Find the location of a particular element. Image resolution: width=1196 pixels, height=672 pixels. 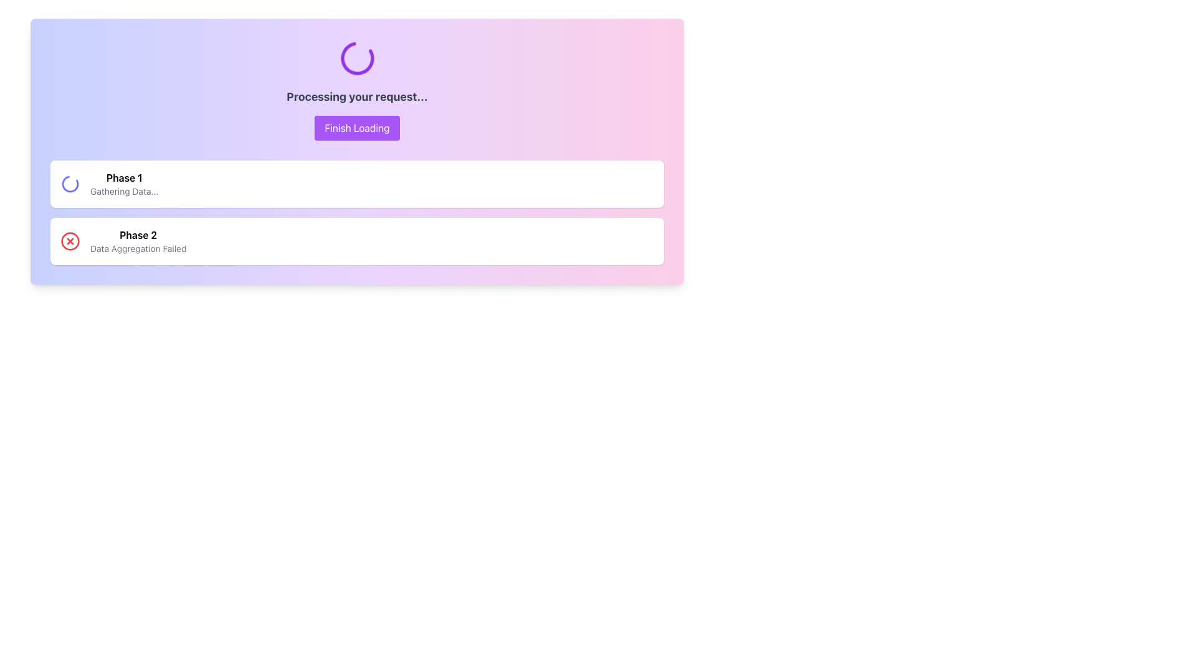

the 'Finish Loading' button with a purple background to change its background color to a darker purple is located at coordinates (356, 128).